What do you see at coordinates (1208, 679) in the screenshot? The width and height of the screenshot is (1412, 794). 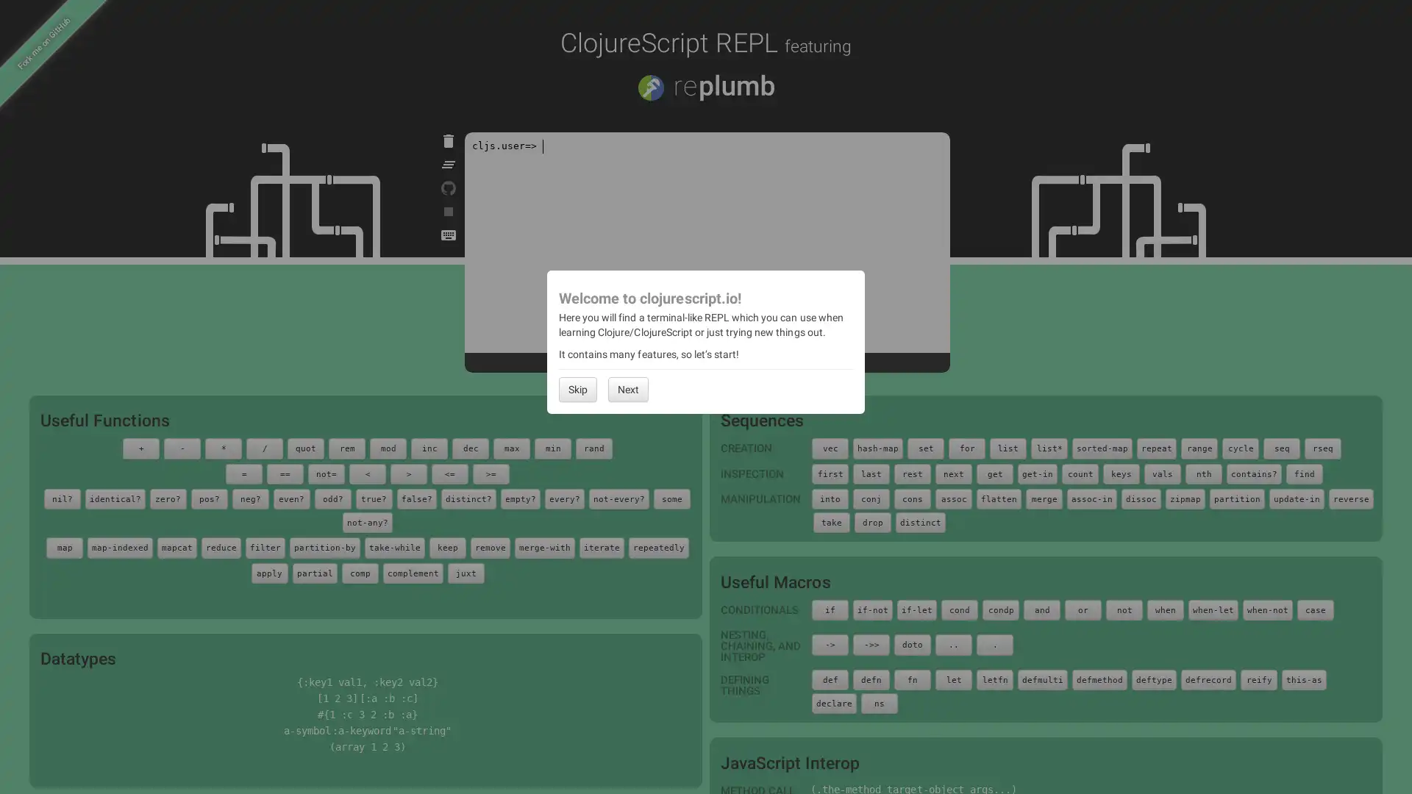 I see `defrecord` at bounding box center [1208, 679].